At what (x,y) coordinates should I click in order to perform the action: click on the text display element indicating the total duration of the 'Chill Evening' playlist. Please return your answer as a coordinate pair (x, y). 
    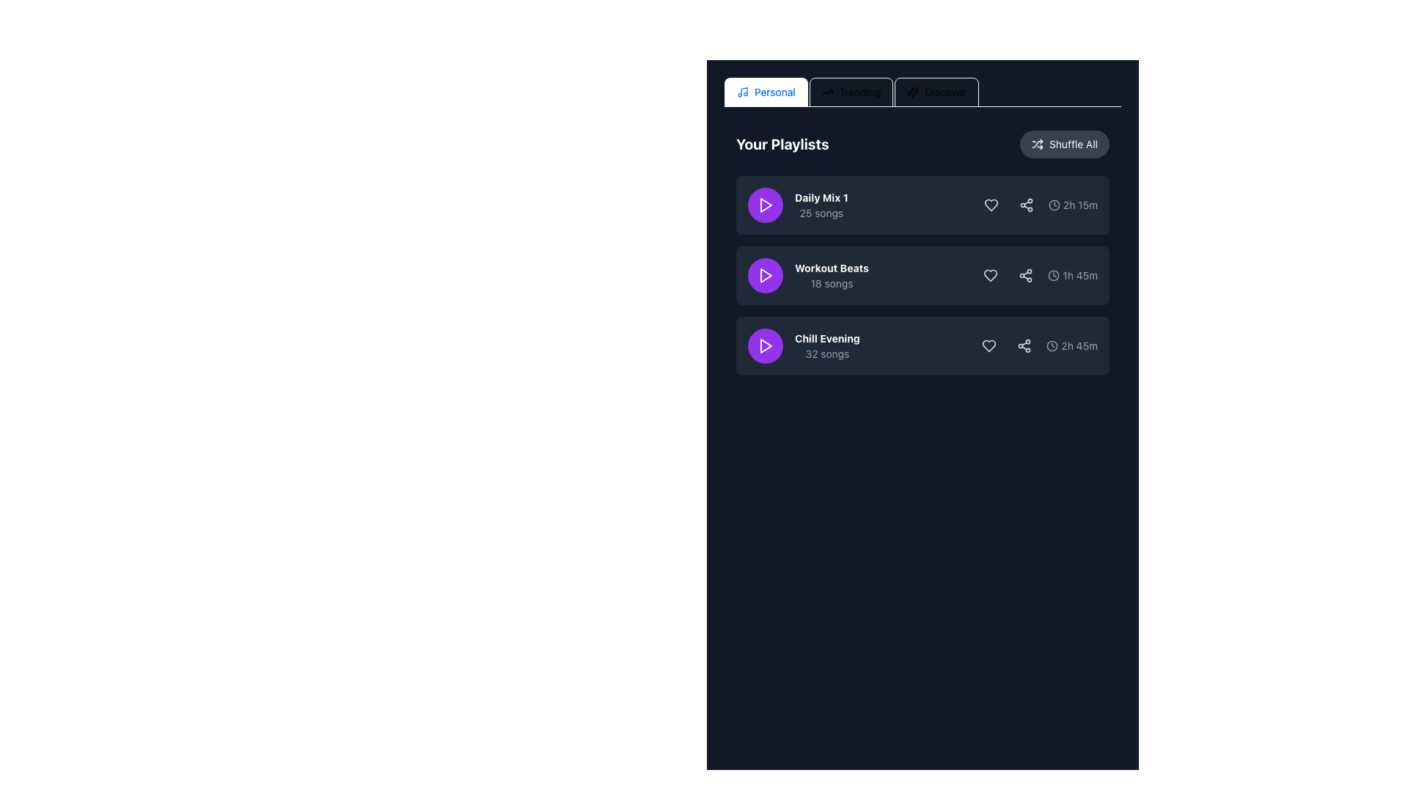
    Looking at the image, I should click on (1036, 345).